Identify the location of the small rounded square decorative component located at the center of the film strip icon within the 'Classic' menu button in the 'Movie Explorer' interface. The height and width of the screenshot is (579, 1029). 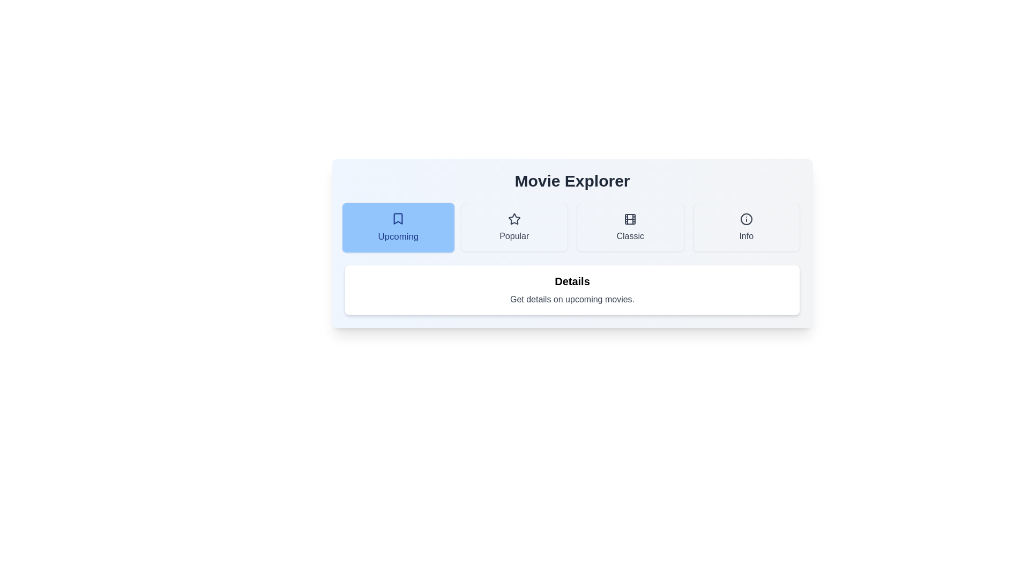
(630, 218).